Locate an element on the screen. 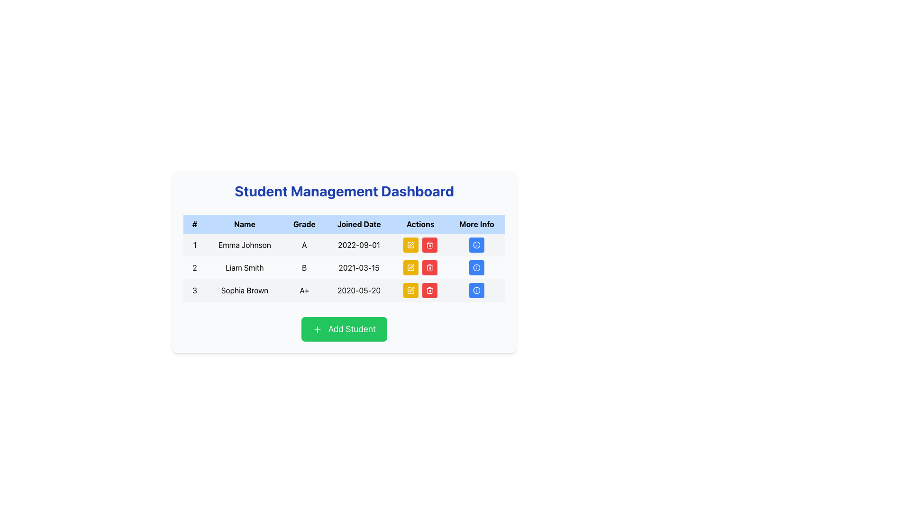 Image resolution: width=910 pixels, height=511 pixels. the text element displaying 'A+' in bold black typography, located under the 'Grade' header in the same row as the student 'Sophia Brown' is located at coordinates (304, 290).